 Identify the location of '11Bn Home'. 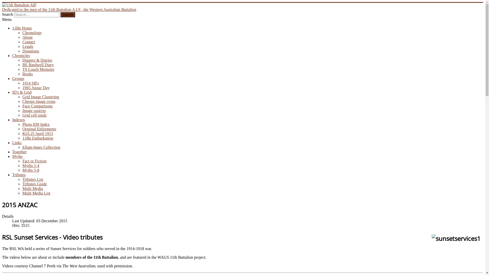
(22, 28).